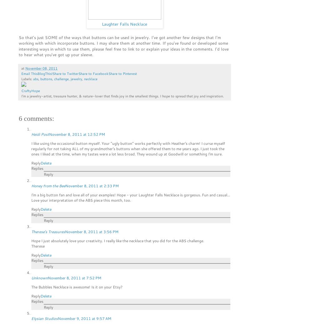 This screenshot has width=336, height=324. Describe the element at coordinates (41, 67) in the screenshot. I see `'November 08, 2011'` at that location.